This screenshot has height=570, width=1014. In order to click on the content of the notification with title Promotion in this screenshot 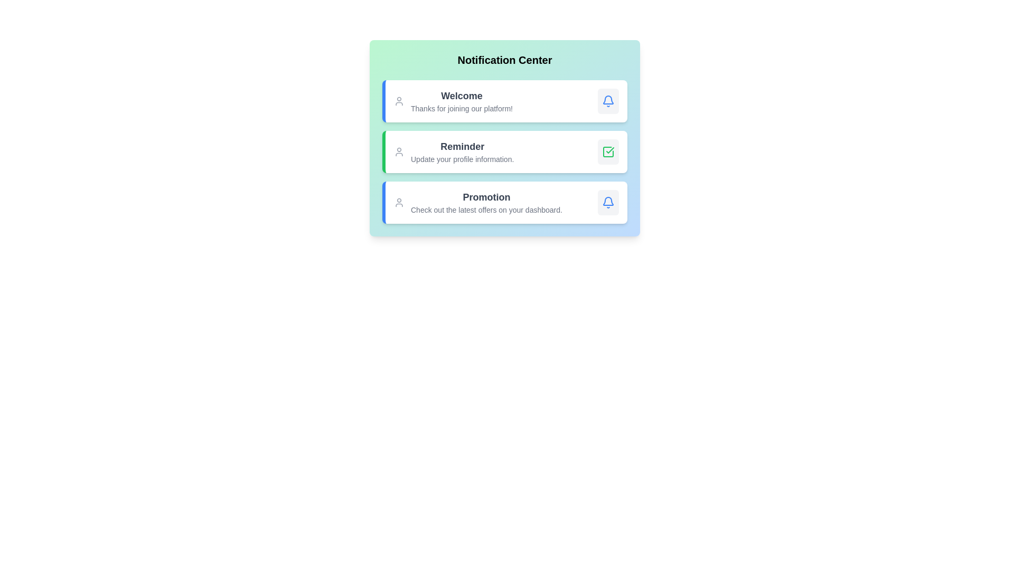, I will do `click(486, 197)`.